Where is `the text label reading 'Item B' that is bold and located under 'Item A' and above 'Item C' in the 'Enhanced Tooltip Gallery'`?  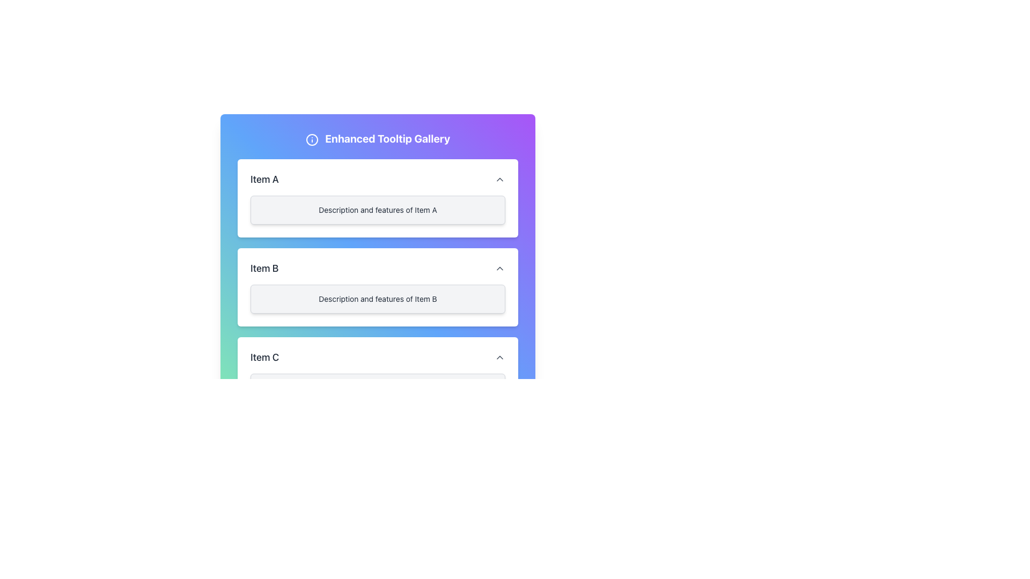 the text label reading 'Item B' that is bold and located under 'Item A' and above 'Item C' in the 'Enhanced Tooltip Gallery' is located at coordinates (264, 268).